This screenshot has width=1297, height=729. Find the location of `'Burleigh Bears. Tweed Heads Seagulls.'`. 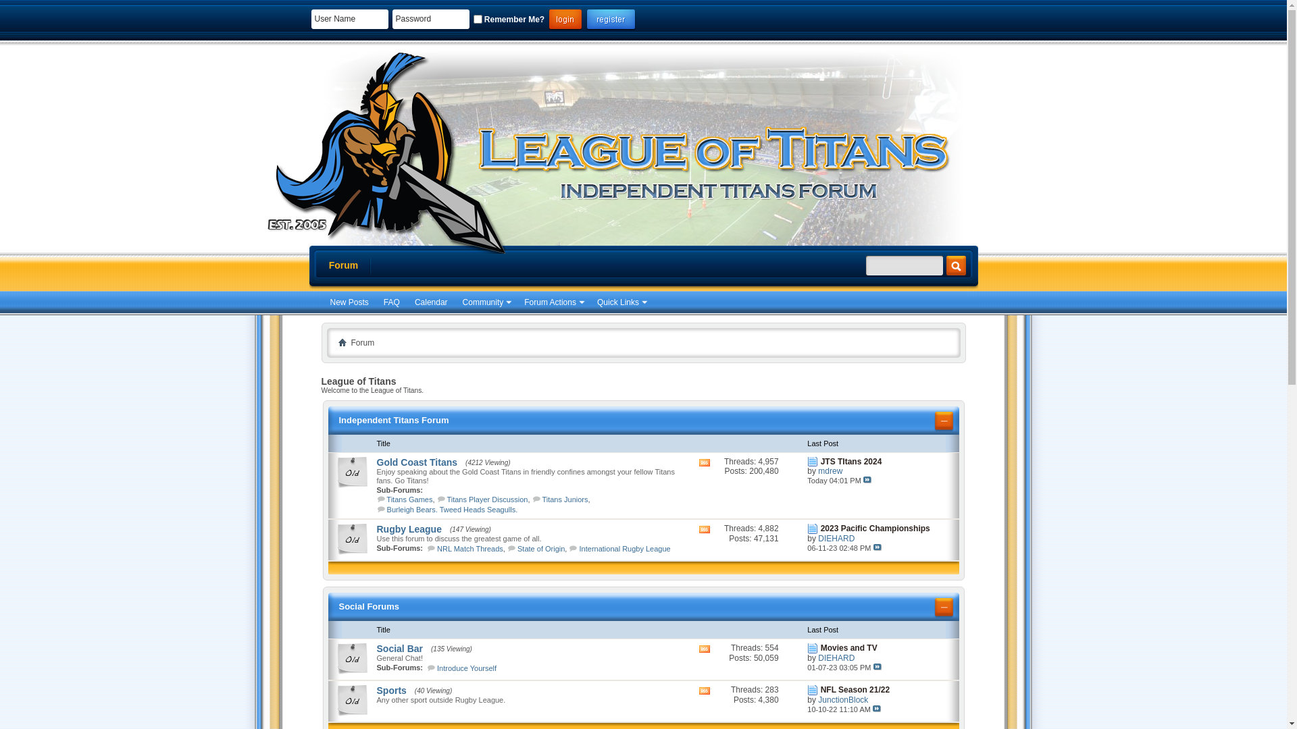

'Burleigh Bears. Tweed Heads Seagulls.' is located at coordinates (453, 510).